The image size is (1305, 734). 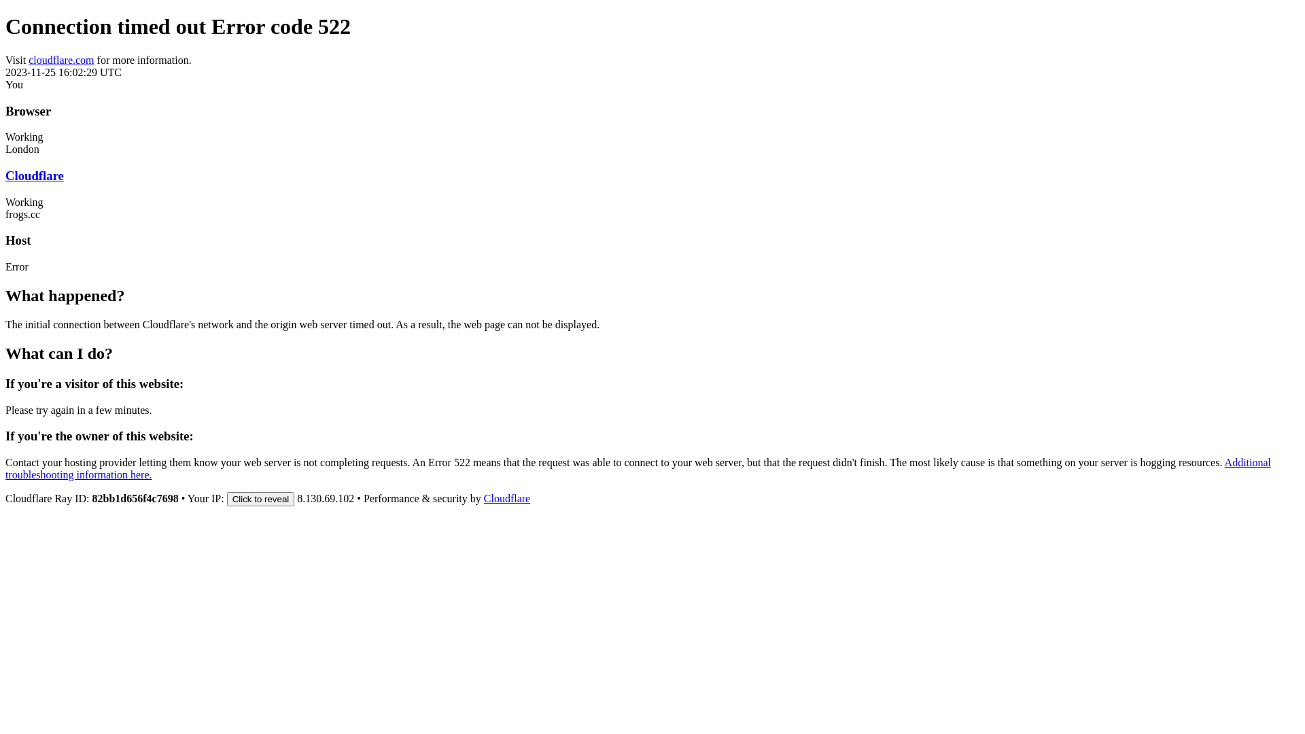 I want to click on 'cloudflare.com', so click(x=60, y=59).